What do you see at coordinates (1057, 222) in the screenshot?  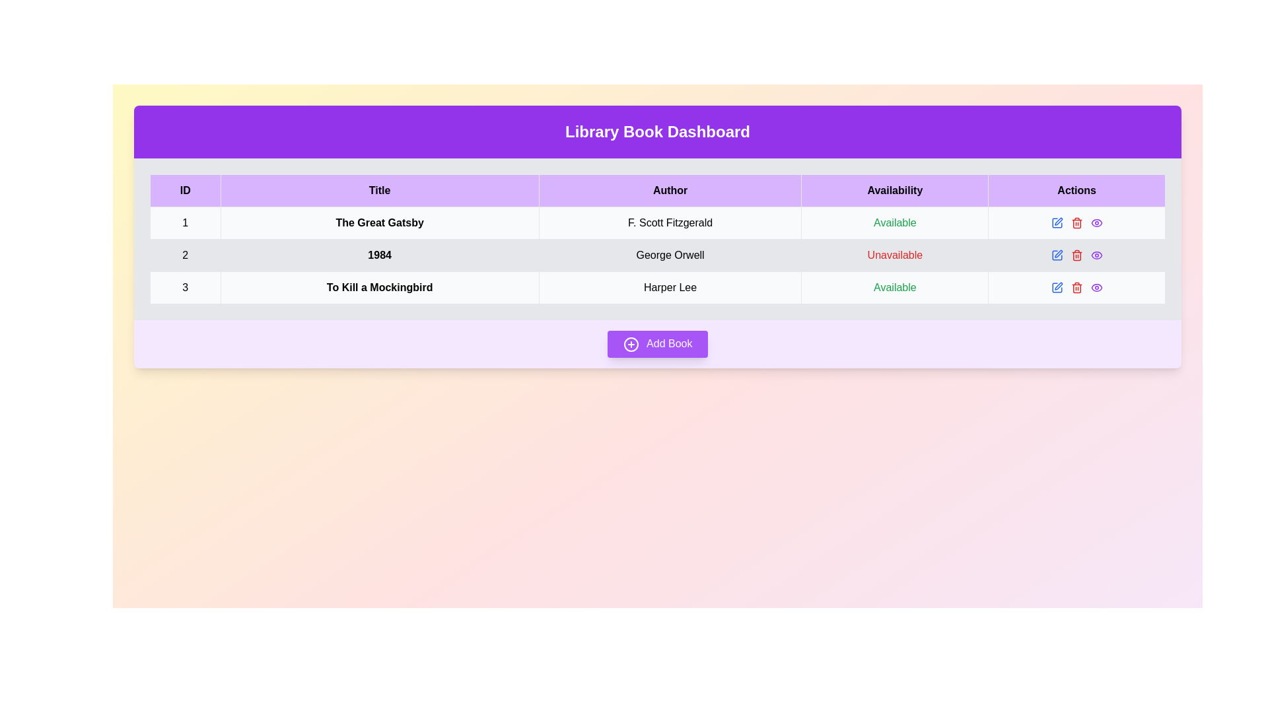 I see `the edit icon button located in the 'Actions' column of the second row in the table` at bounding box center [1057, 222].